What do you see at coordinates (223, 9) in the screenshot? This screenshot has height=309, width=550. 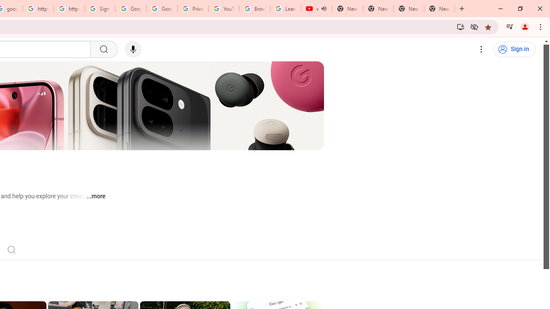 I see `'YouTube'` at bounding box center [223, 9].